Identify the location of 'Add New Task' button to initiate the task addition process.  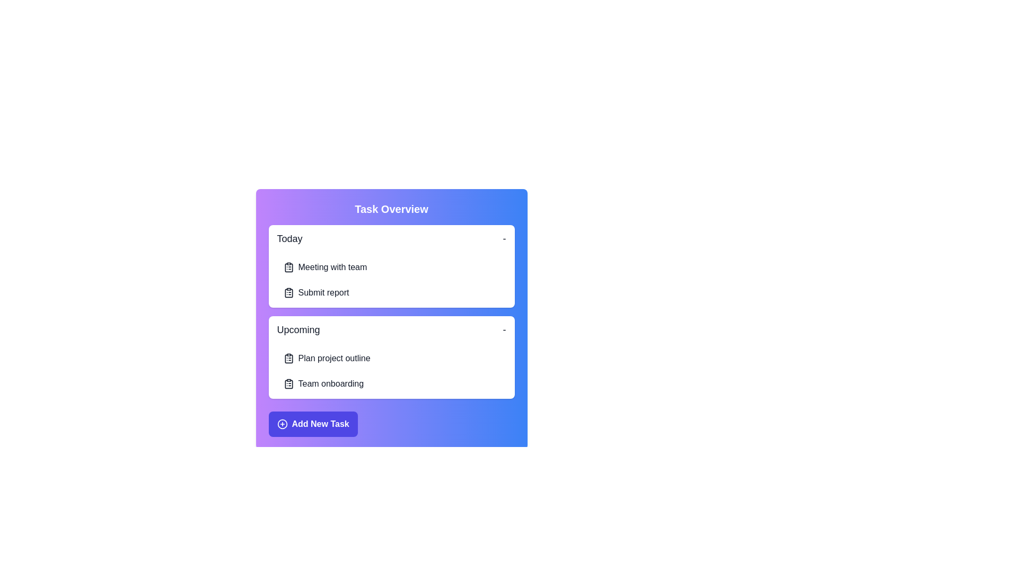
(312, 424).